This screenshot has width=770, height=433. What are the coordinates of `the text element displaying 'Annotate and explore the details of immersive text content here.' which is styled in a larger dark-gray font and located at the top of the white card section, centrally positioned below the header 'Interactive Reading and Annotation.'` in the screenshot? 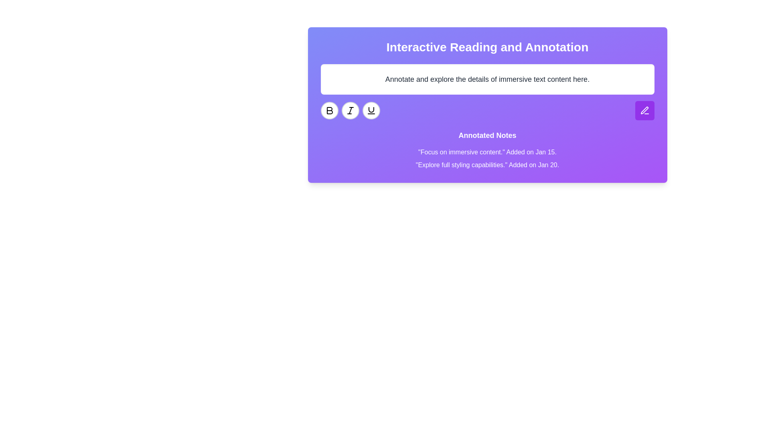 It's located at (487, 79).